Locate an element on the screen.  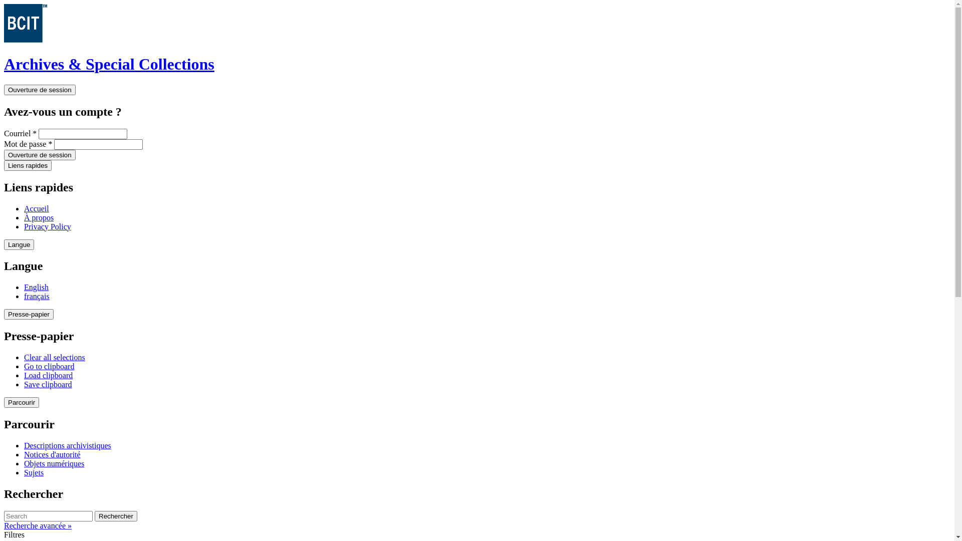
'Presse-papier' is located at coordinates (29, 314).